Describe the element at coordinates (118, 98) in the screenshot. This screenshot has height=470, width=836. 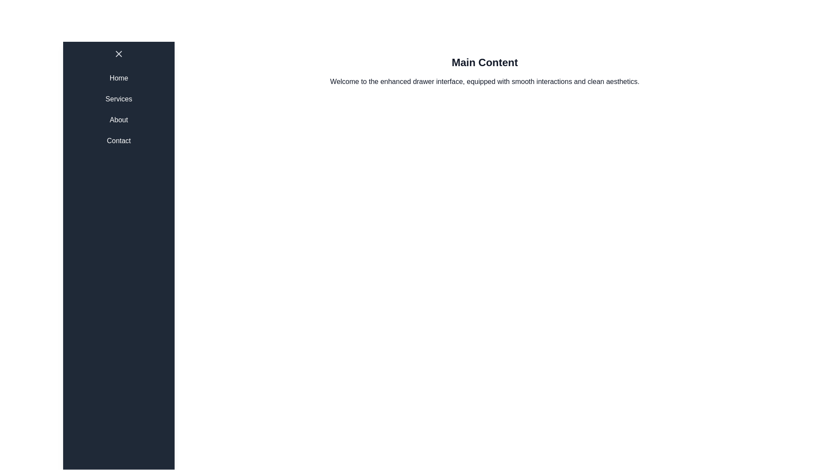
I see `the 'Services' button, which is the second item in the vertical navigational list on the dark blue panel` at that location.